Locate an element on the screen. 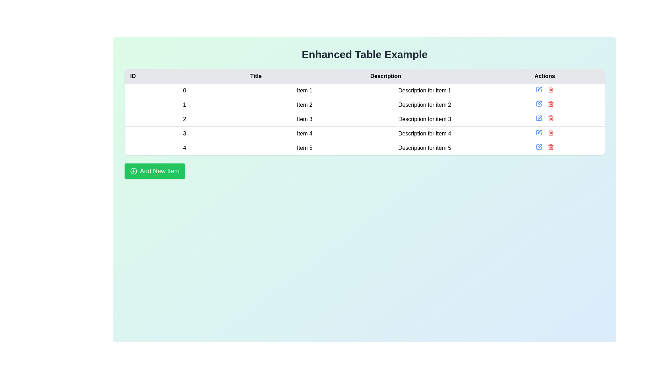 The image size is (672, 378). the circular icon that represents the 'Add New Item' action, located near the bottom left of the page under a table is located at coordinates (134, 171).